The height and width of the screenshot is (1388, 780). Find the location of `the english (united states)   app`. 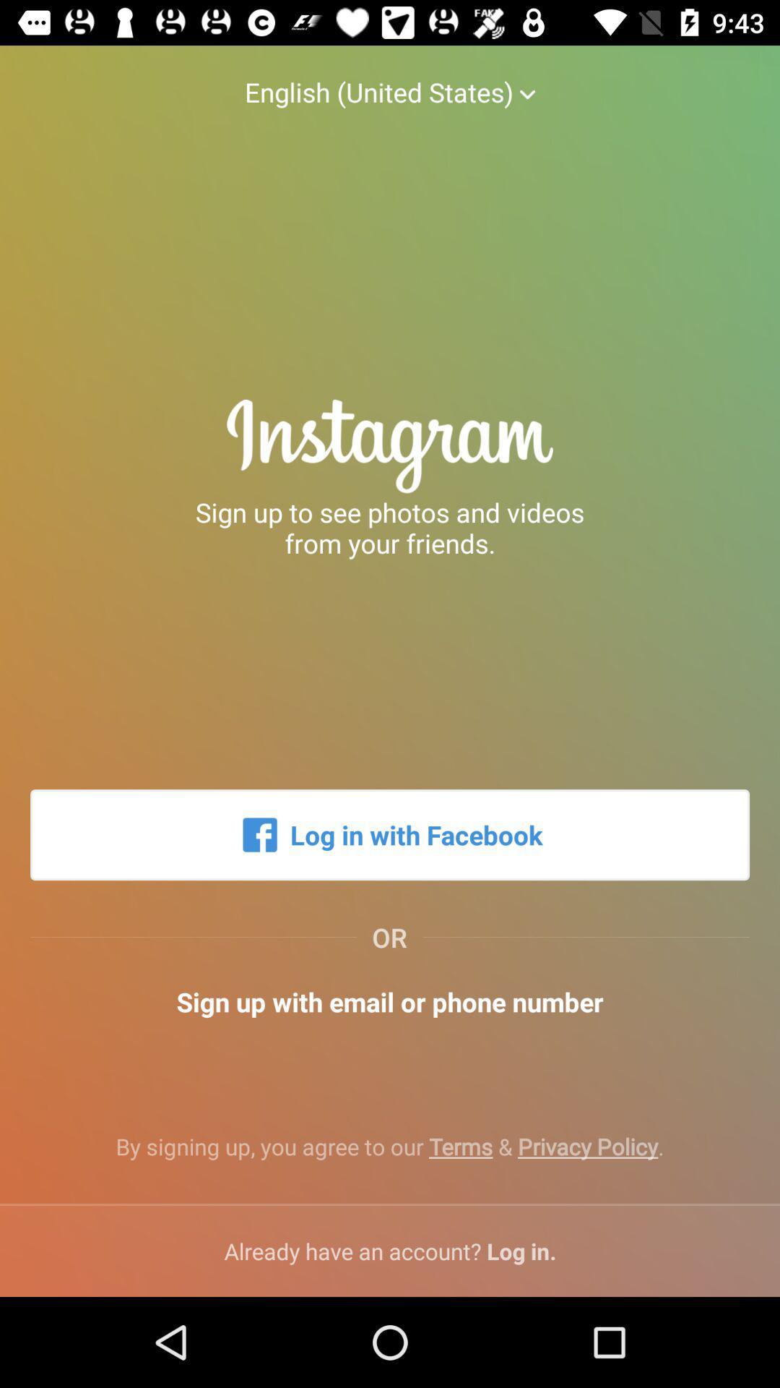

the english (united states)   app is located at coordinates (390, 77).